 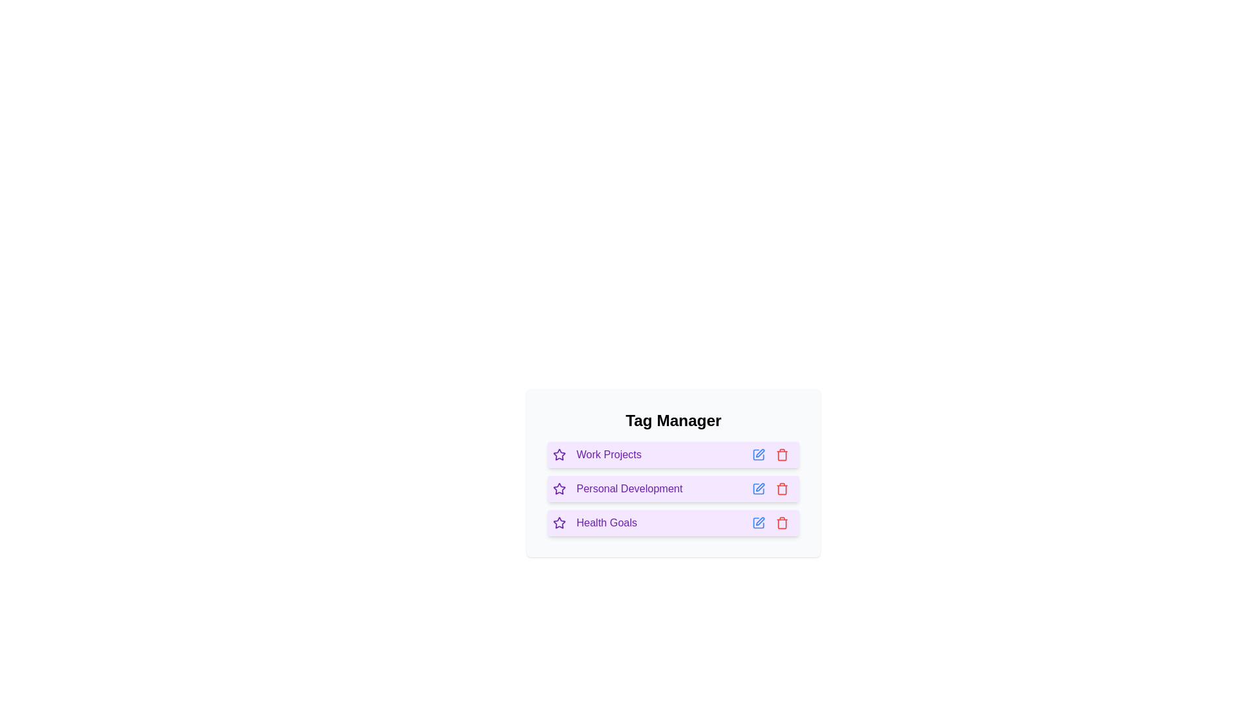 I want to click on the delete button for the tag Work Projects, so click(x=782, y=454).